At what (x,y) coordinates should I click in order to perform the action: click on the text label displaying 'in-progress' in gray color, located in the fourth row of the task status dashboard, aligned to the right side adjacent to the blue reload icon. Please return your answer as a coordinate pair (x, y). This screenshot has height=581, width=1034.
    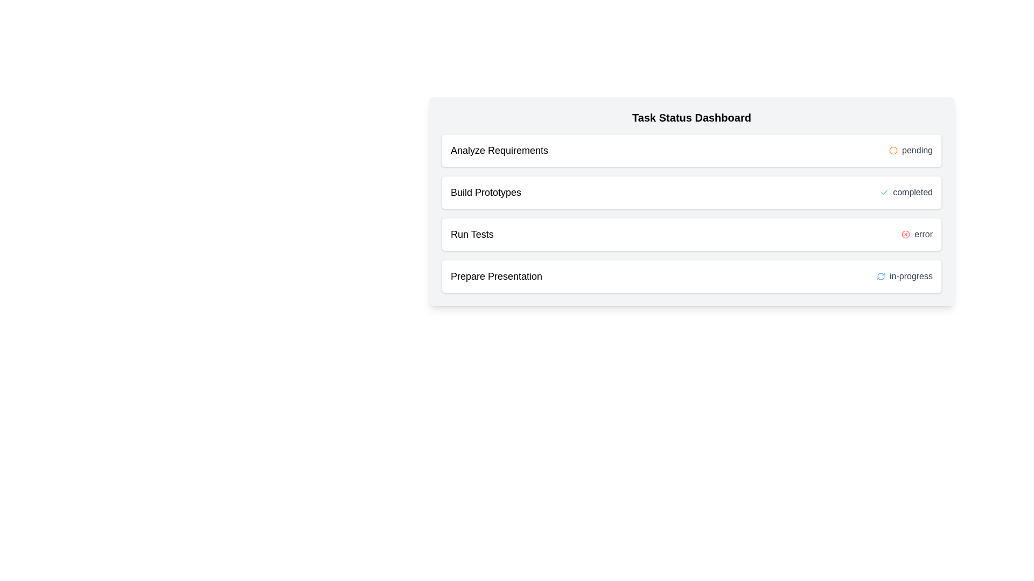
    Looking at the image, I should click on (910, 275).